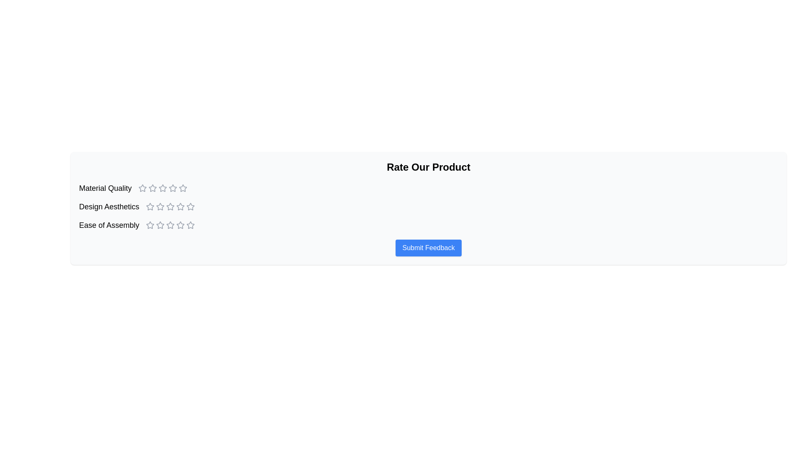  I want to click on the fourth rating star icon in the 'Material Quality' row, so click(183, 187).